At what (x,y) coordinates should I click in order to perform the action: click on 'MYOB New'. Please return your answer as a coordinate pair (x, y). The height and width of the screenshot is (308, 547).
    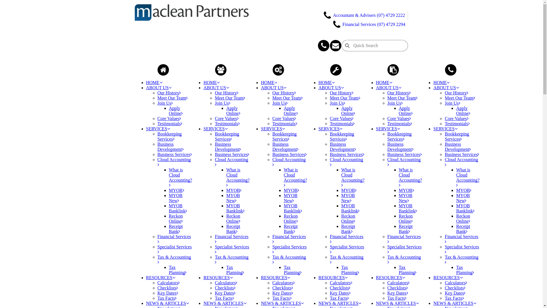
    Looking at the image, I should click on (463, 198).